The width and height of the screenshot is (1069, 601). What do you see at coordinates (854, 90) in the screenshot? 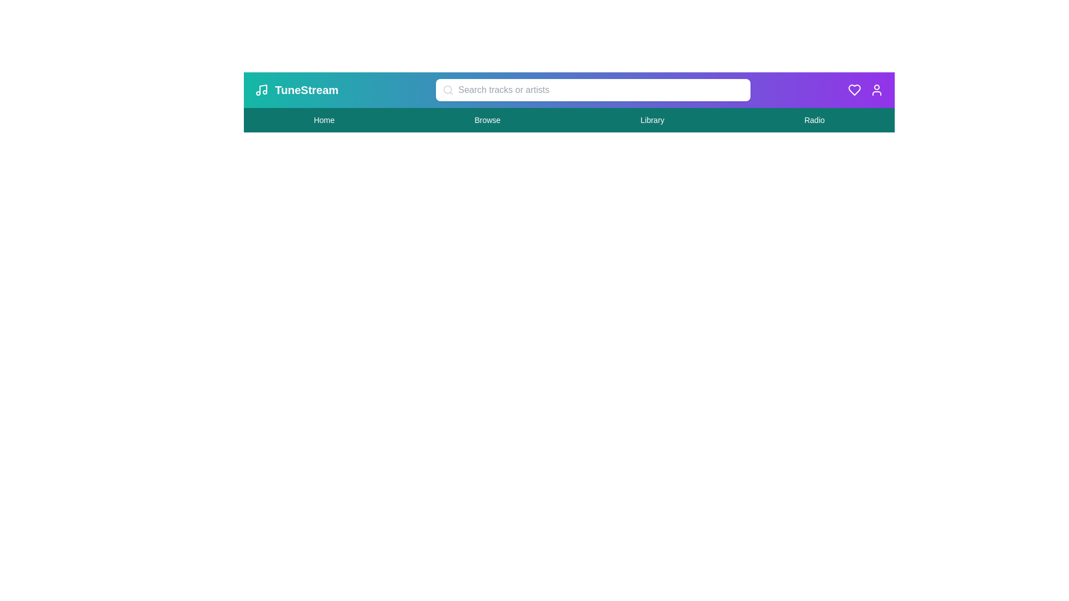
I see `the heart icon to favorite the item` at bounding box center [854, 90].